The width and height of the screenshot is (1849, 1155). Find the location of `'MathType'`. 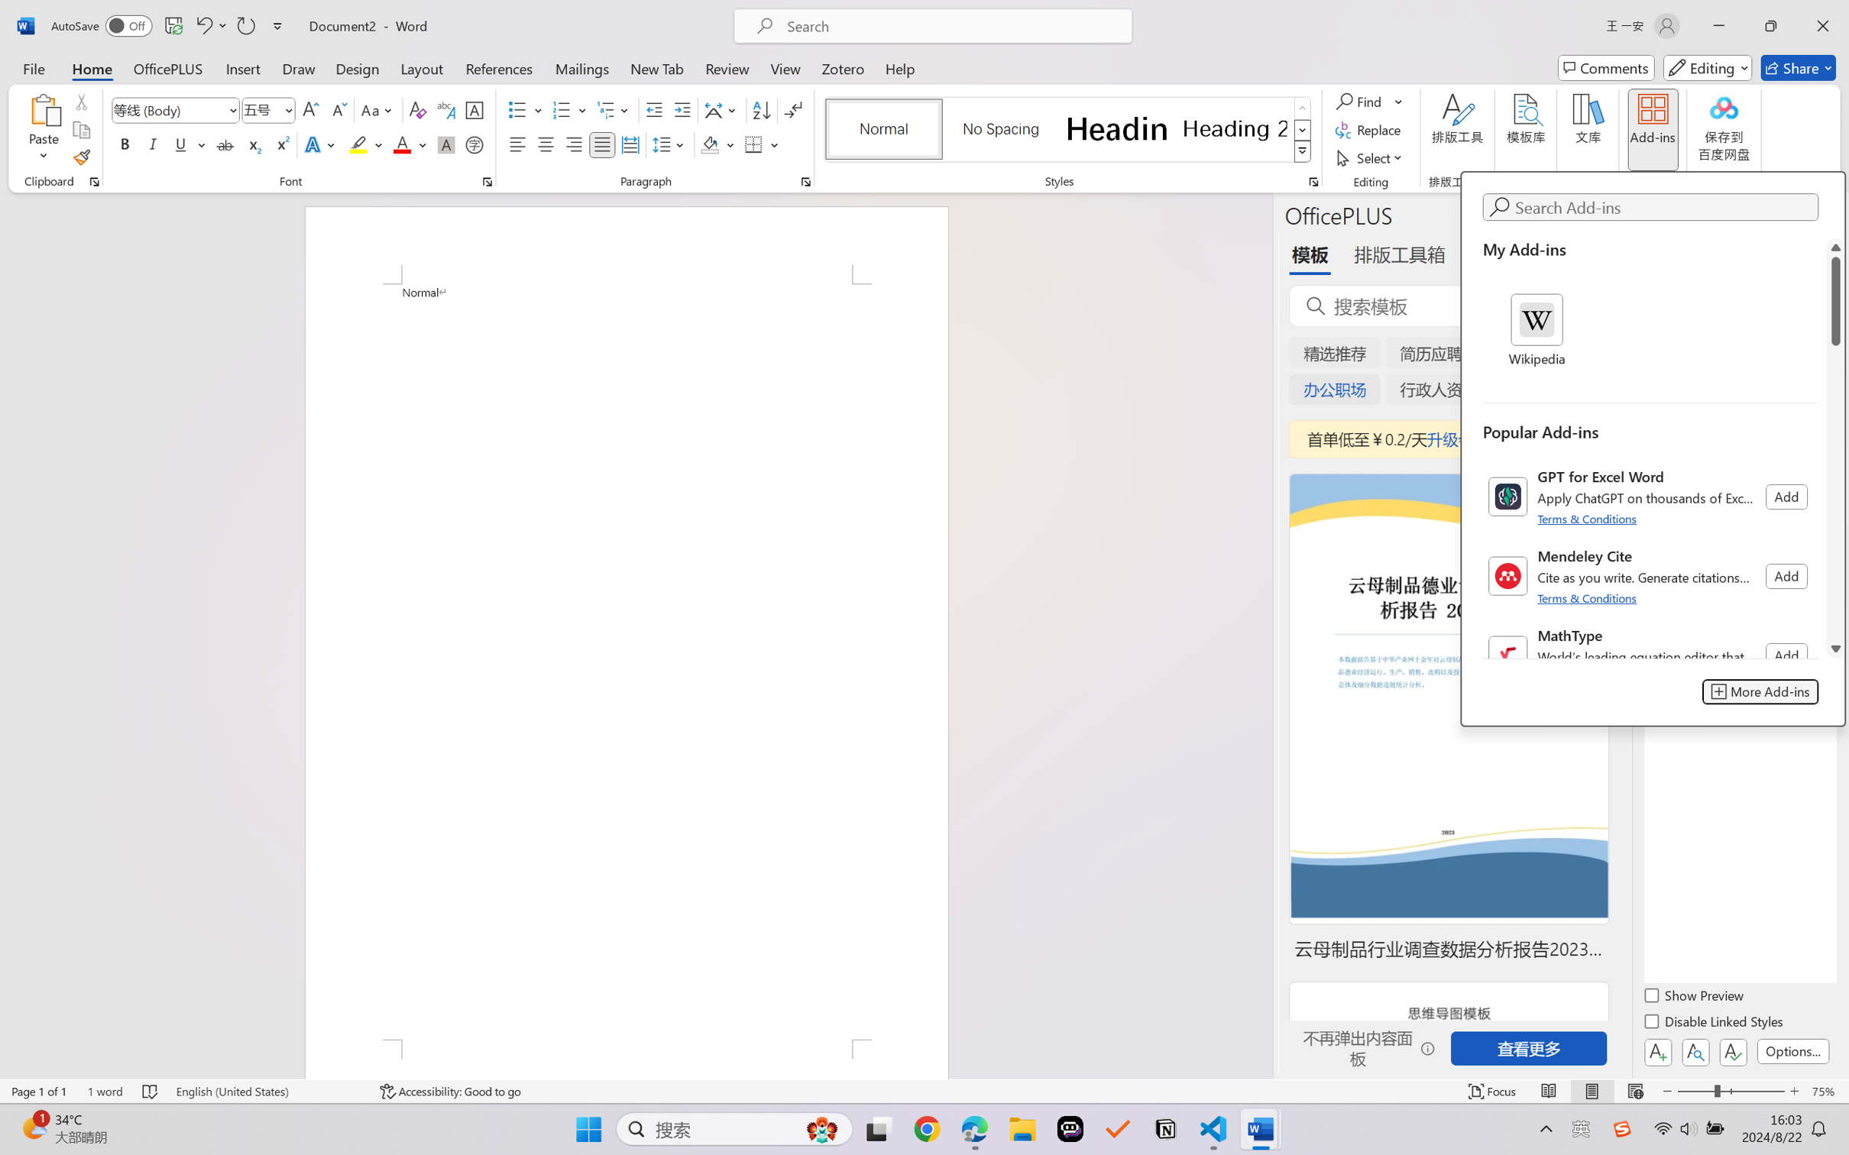

'MathType' is located at coordinates (1649, 655).